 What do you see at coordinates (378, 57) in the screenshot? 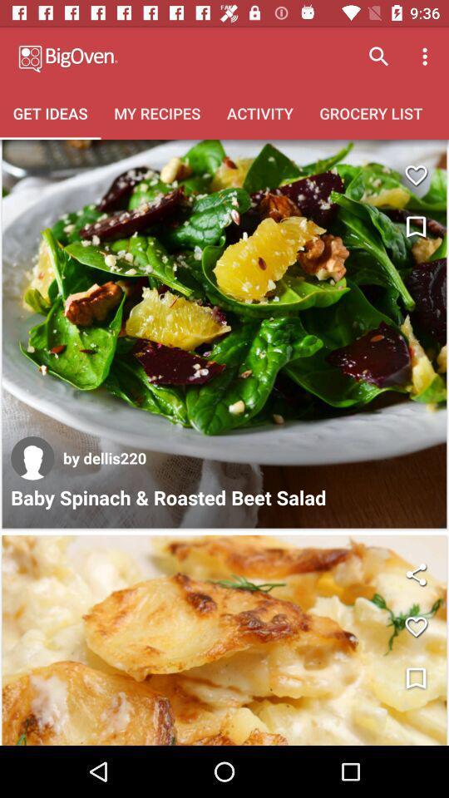
I see `icon above the grocery list` at bounding box center [378, 57].